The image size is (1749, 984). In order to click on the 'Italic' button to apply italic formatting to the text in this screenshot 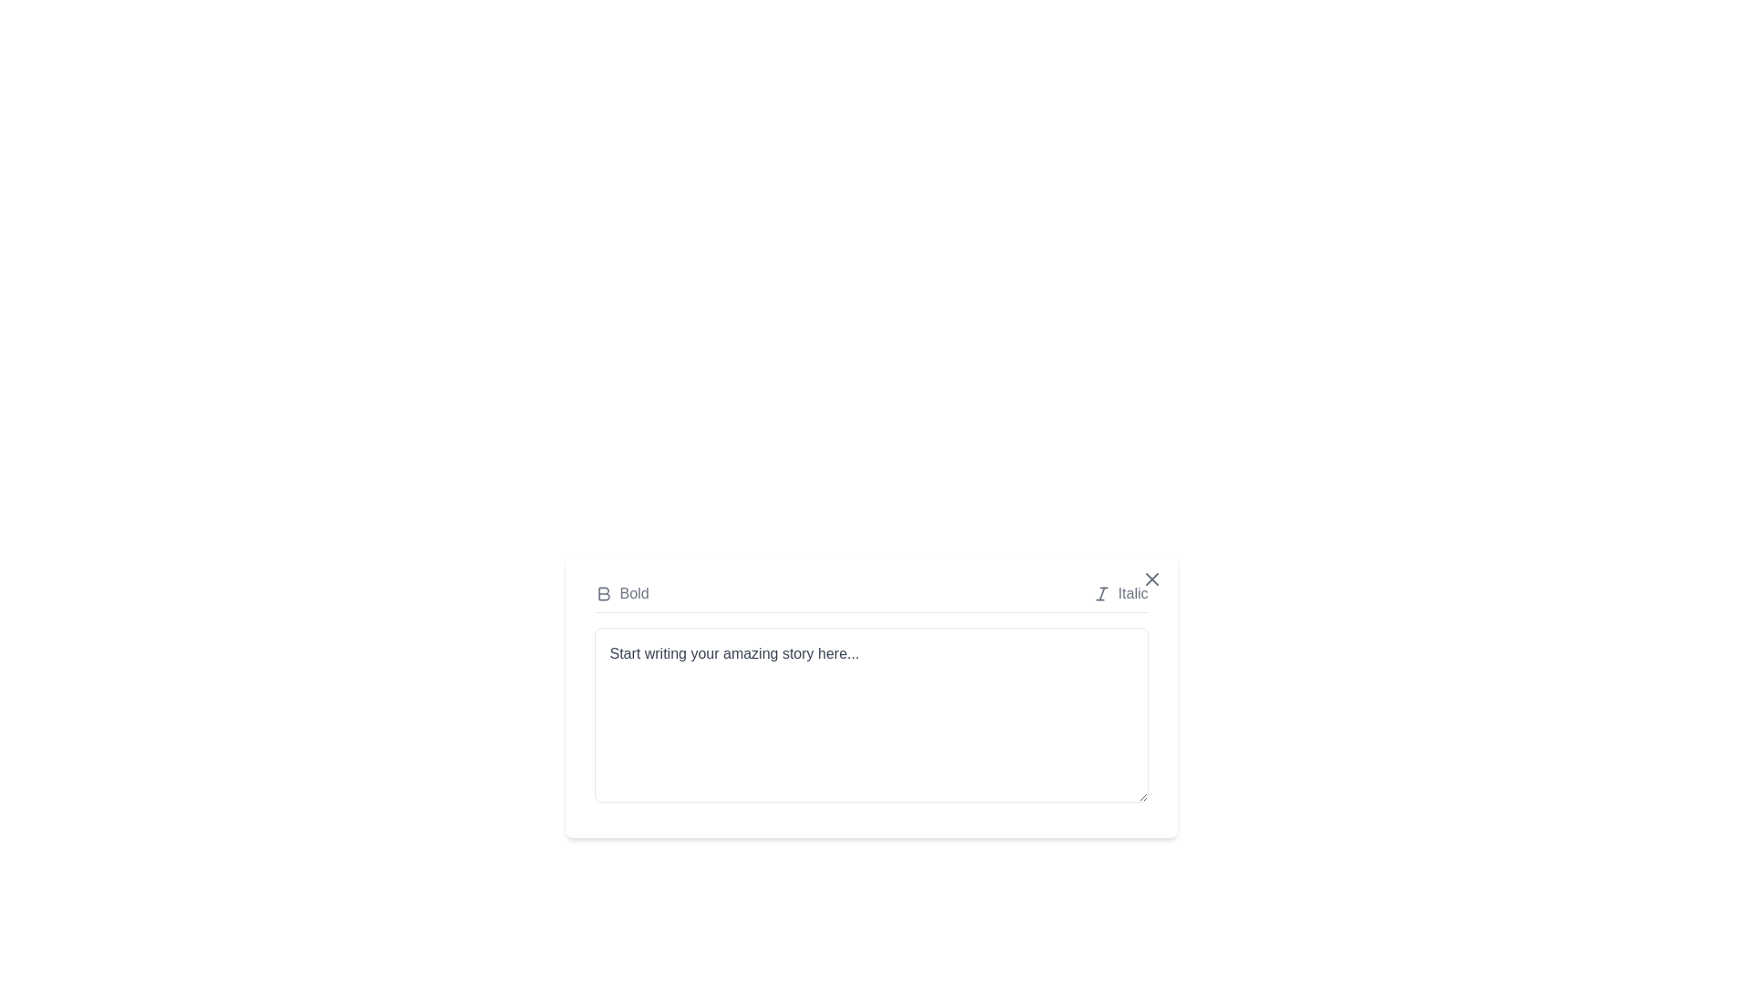, I will do `click(1119, 593)`.